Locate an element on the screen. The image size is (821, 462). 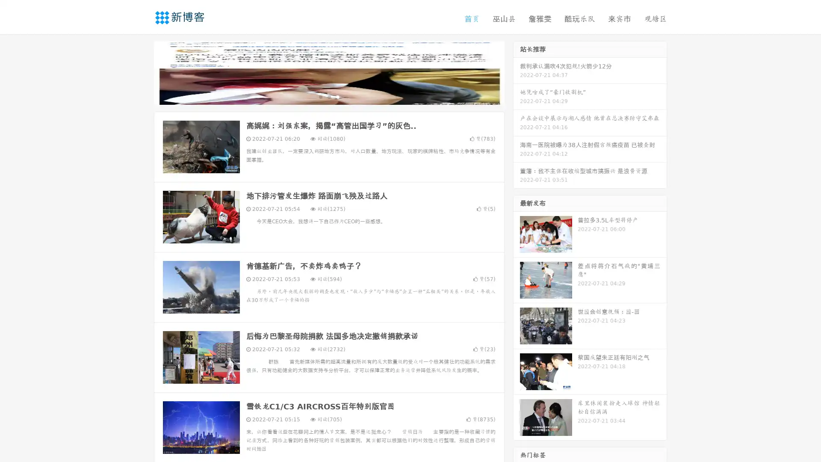
Next slide is located at coordinates (517, 72).